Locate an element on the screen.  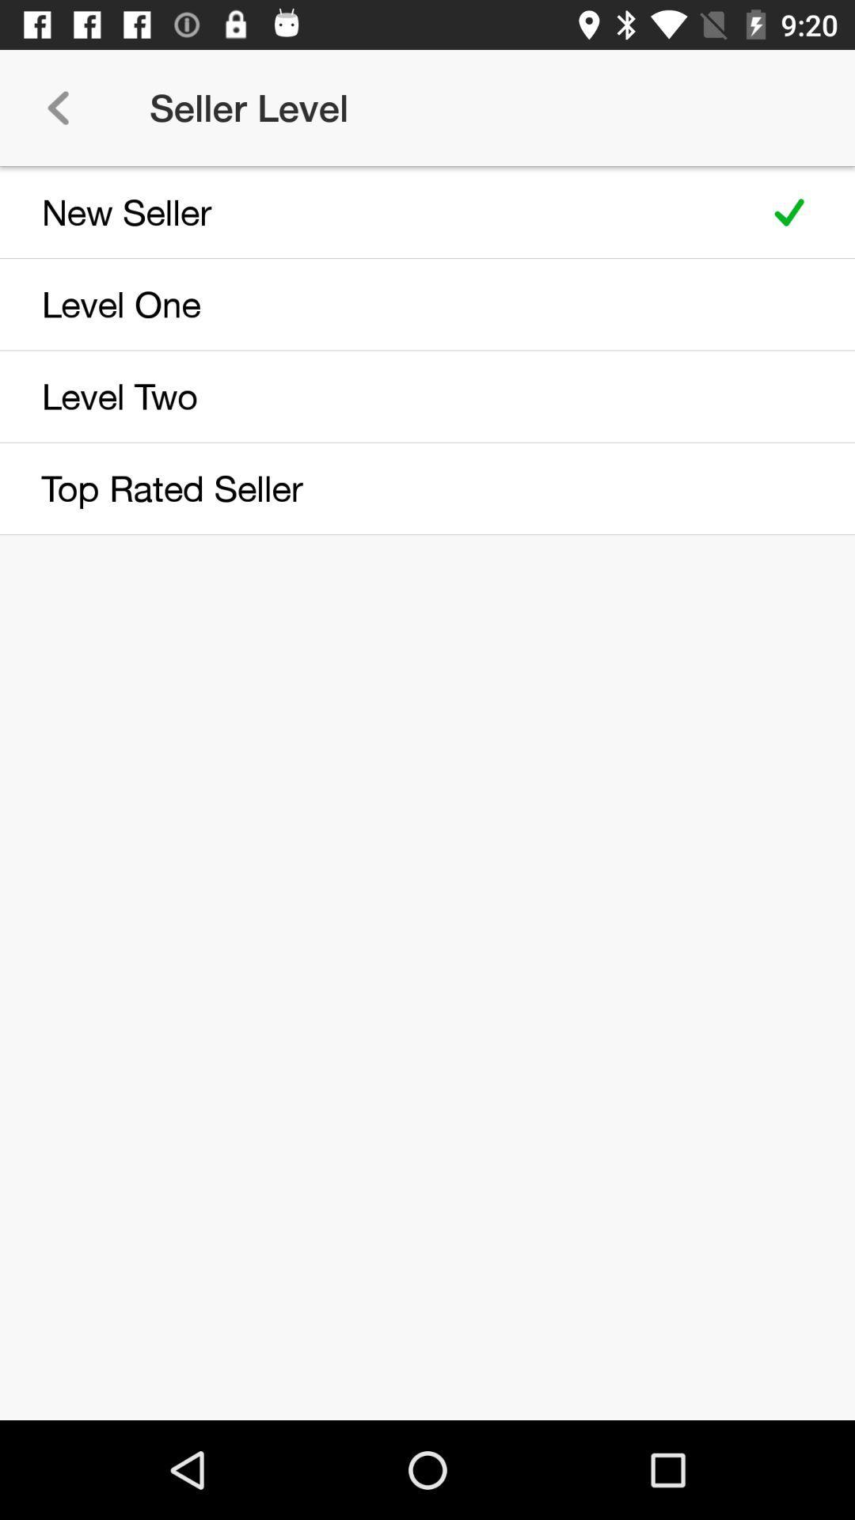
item next to new seller icon is located at coordinates (789, 211).